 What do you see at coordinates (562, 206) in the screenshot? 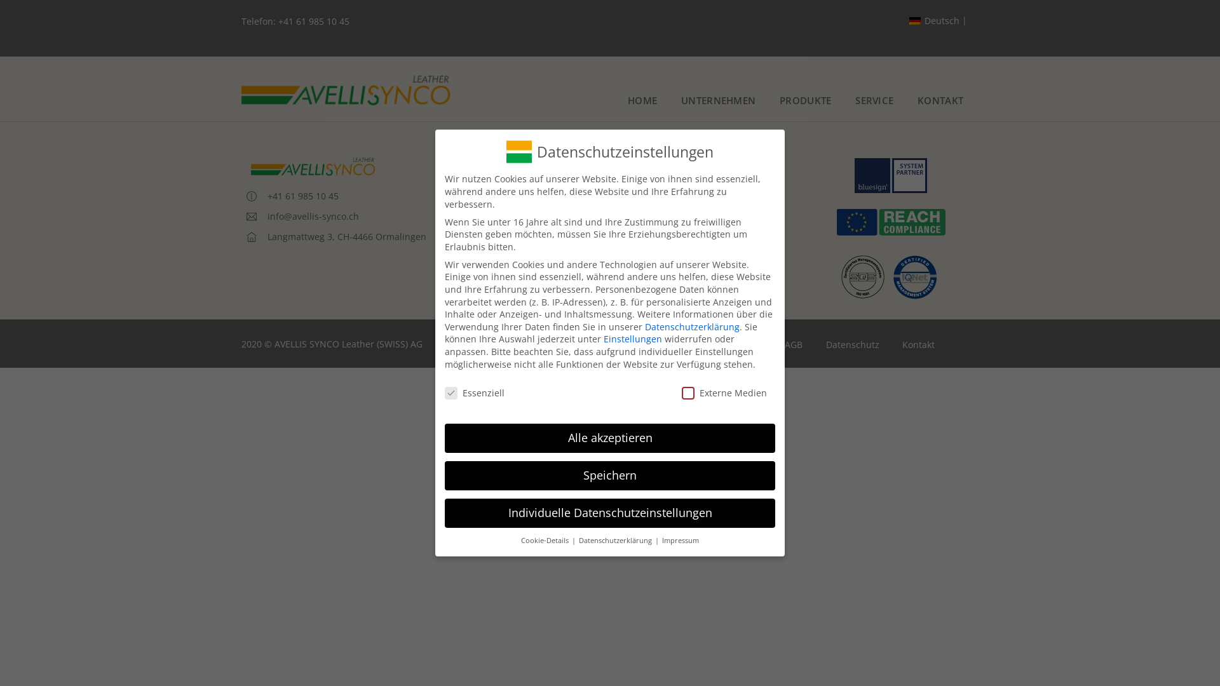
I see `'Jobs und Karriere'` at bounding box center [562, 206].